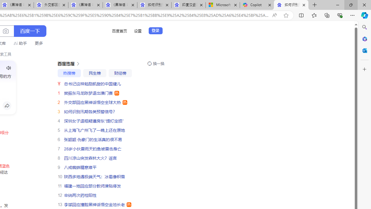 This screenshot has height=209, width=371. I want to click on 'Copilot', so click(257, 5).